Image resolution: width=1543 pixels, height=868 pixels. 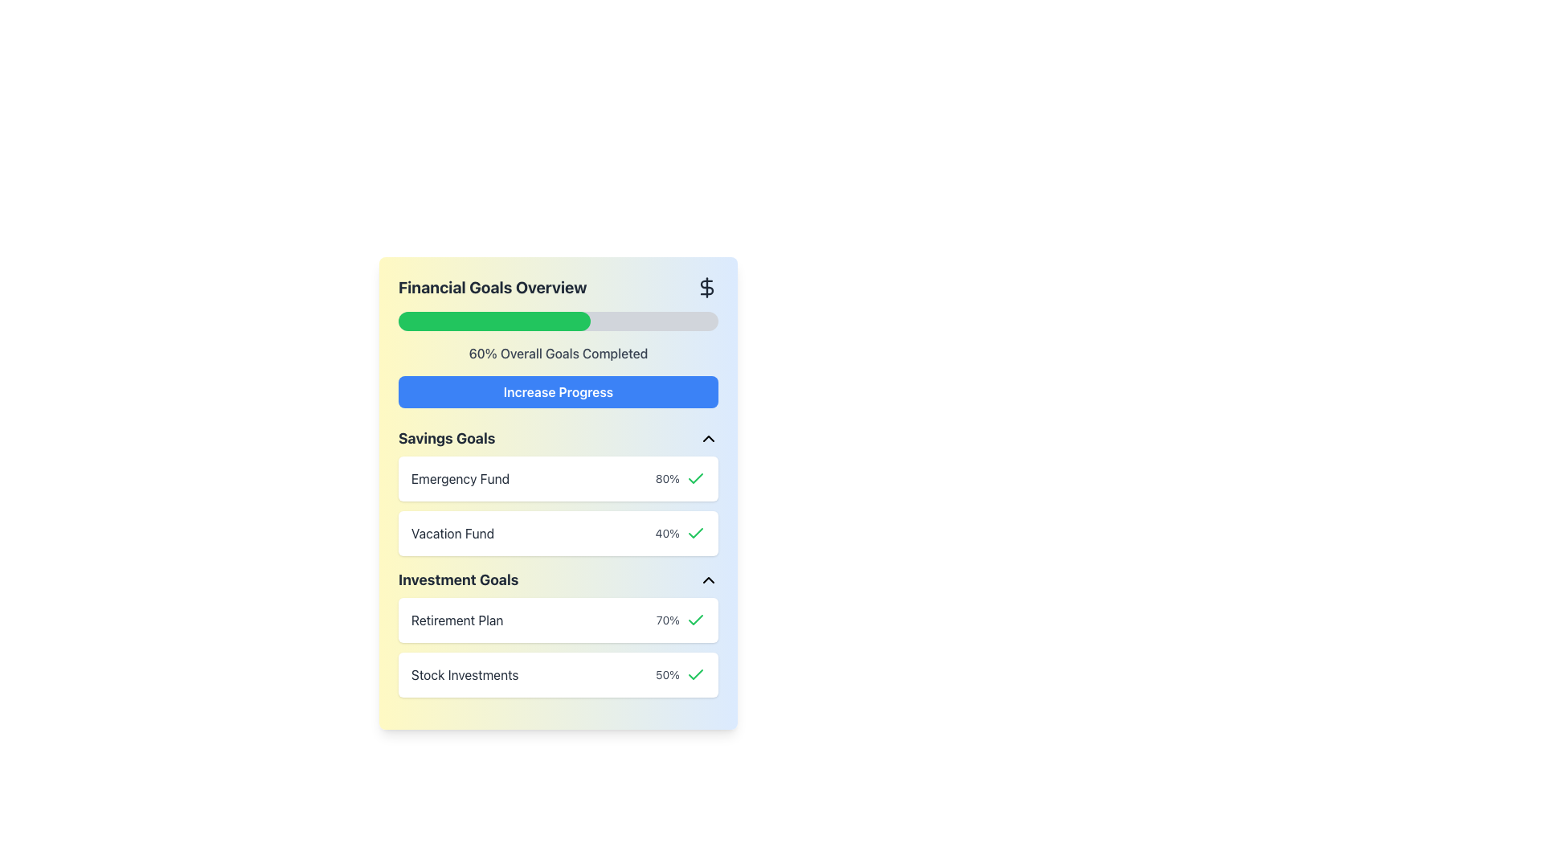 I want to click on the 'Increase Progress' button with bold white text on a blue background, so click(x=559, y=392).